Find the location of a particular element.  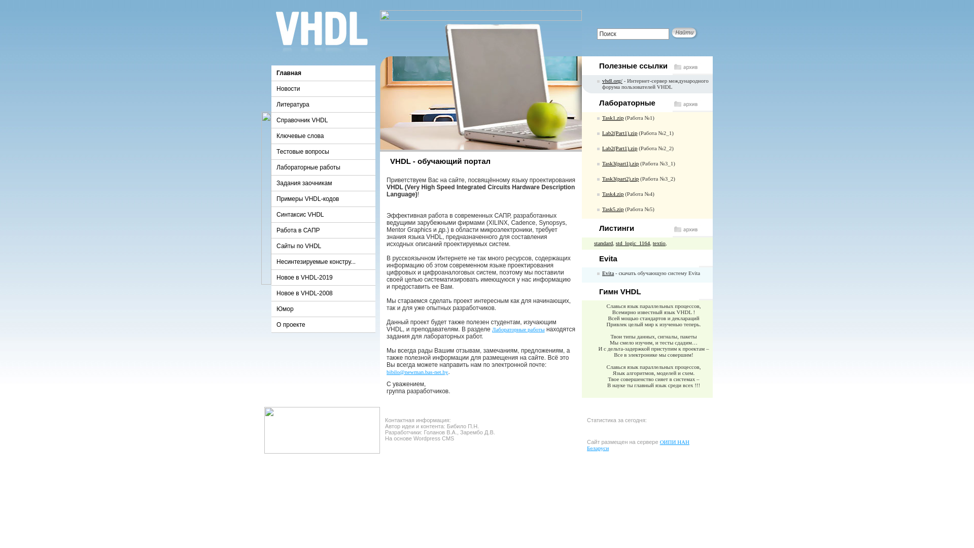

'bibilo@newman.bas-net.by' is located at coordinates (386, 371).